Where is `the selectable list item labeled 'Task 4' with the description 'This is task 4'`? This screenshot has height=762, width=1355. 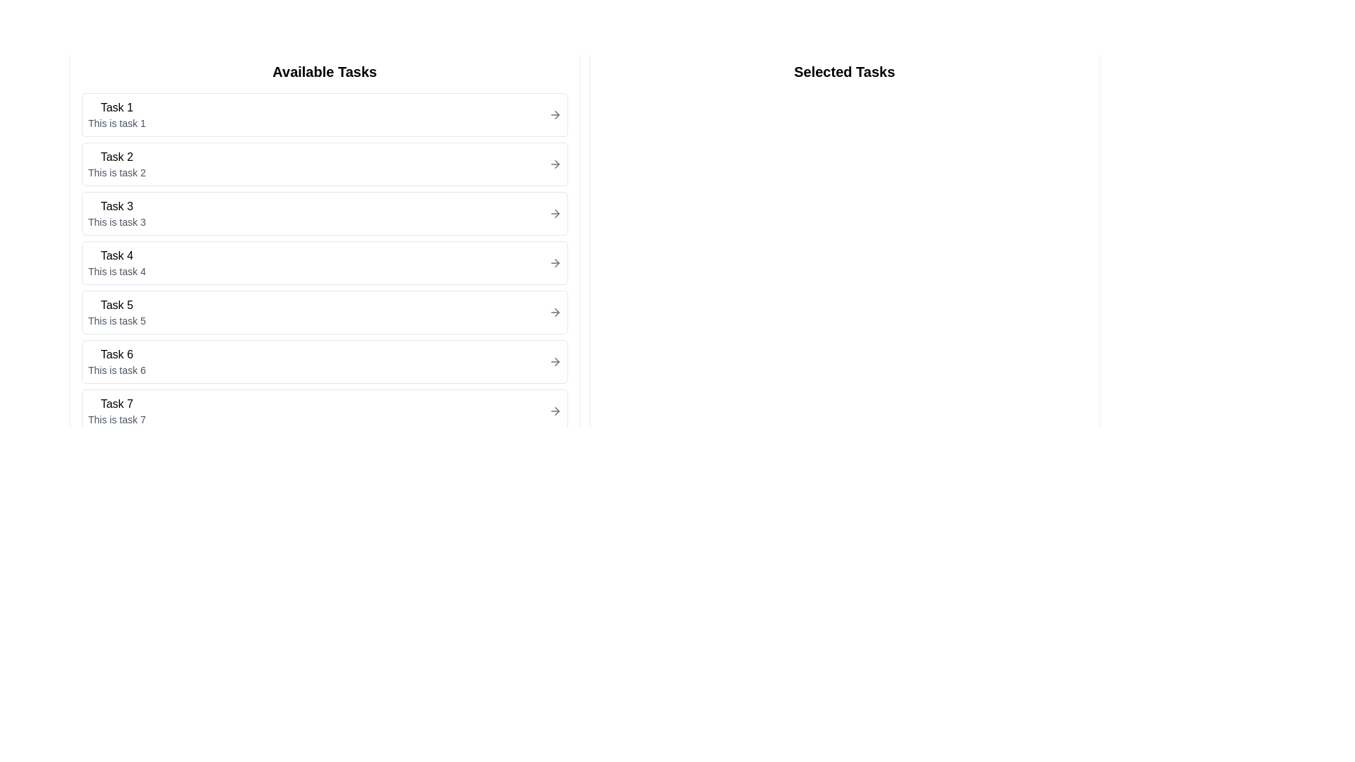
the selectable list item labeled 'Task 4' with the description 'This is task 4' is located at coordinates (324, 263).